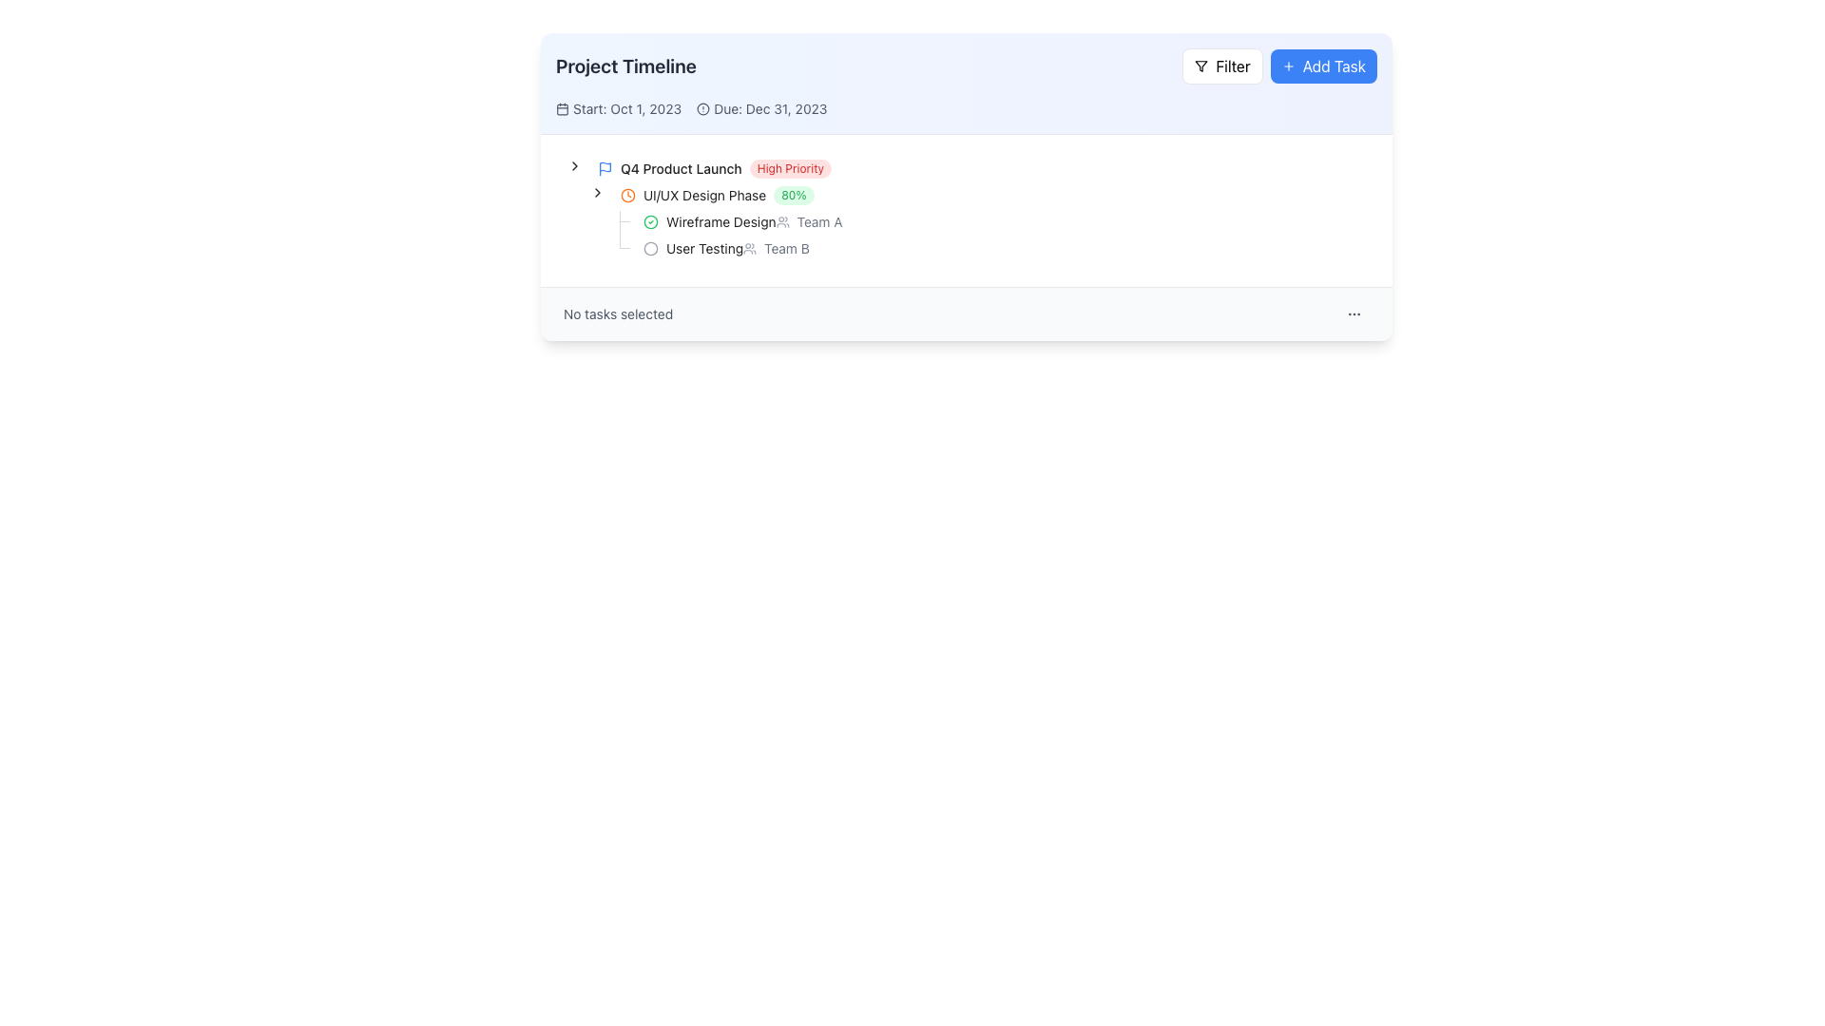  What do you see at coordinates (809, 221) in the screenshot?
I see `the text label reading 'Team A', which is styled with a smaller font size and gray color tone, located to the right of a user icon in the 'Wireframe Design' section under the 'UI/UX Design Phase'` at bounding box center [809, 221].